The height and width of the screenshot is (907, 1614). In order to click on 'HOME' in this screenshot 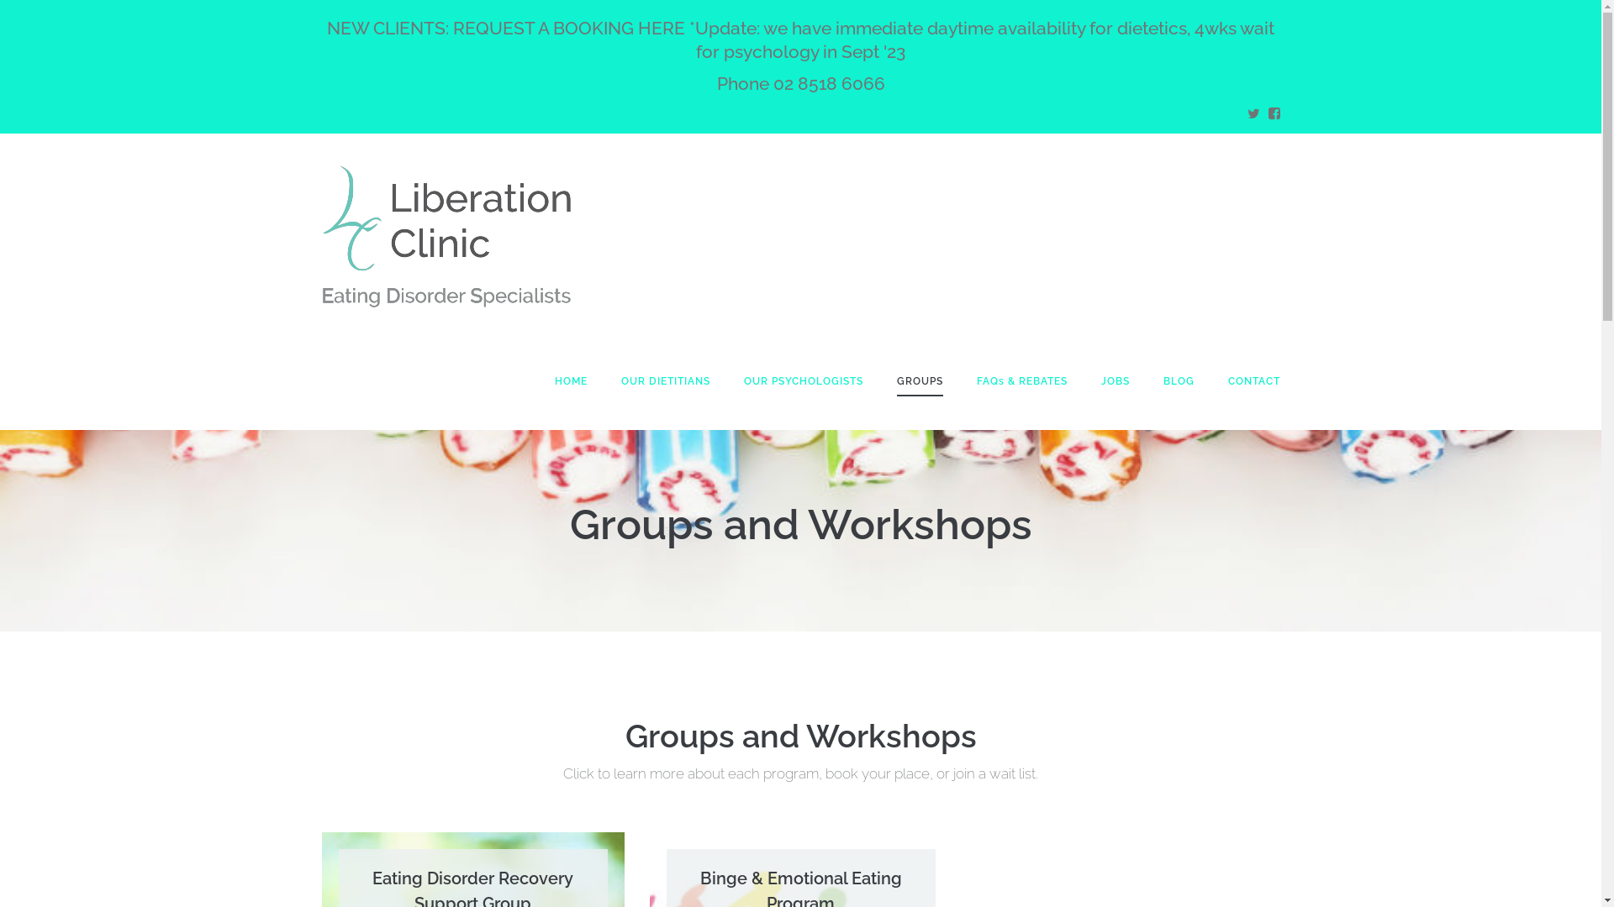, I will do `click(571, 380)`.